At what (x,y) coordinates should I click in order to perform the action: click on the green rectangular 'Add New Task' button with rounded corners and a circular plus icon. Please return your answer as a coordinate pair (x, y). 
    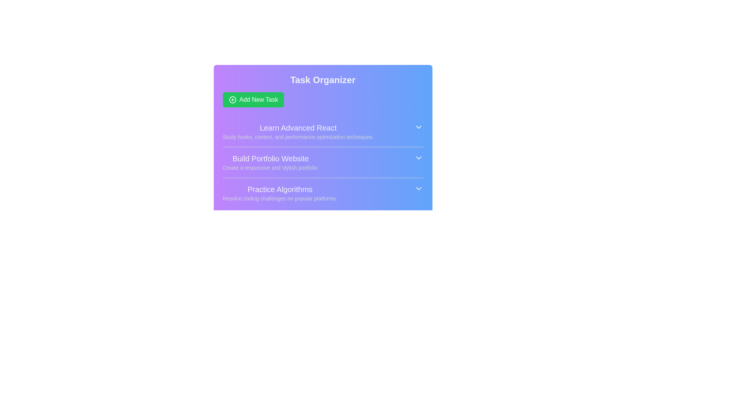
    Looking at the image, I should click on (253, 99).